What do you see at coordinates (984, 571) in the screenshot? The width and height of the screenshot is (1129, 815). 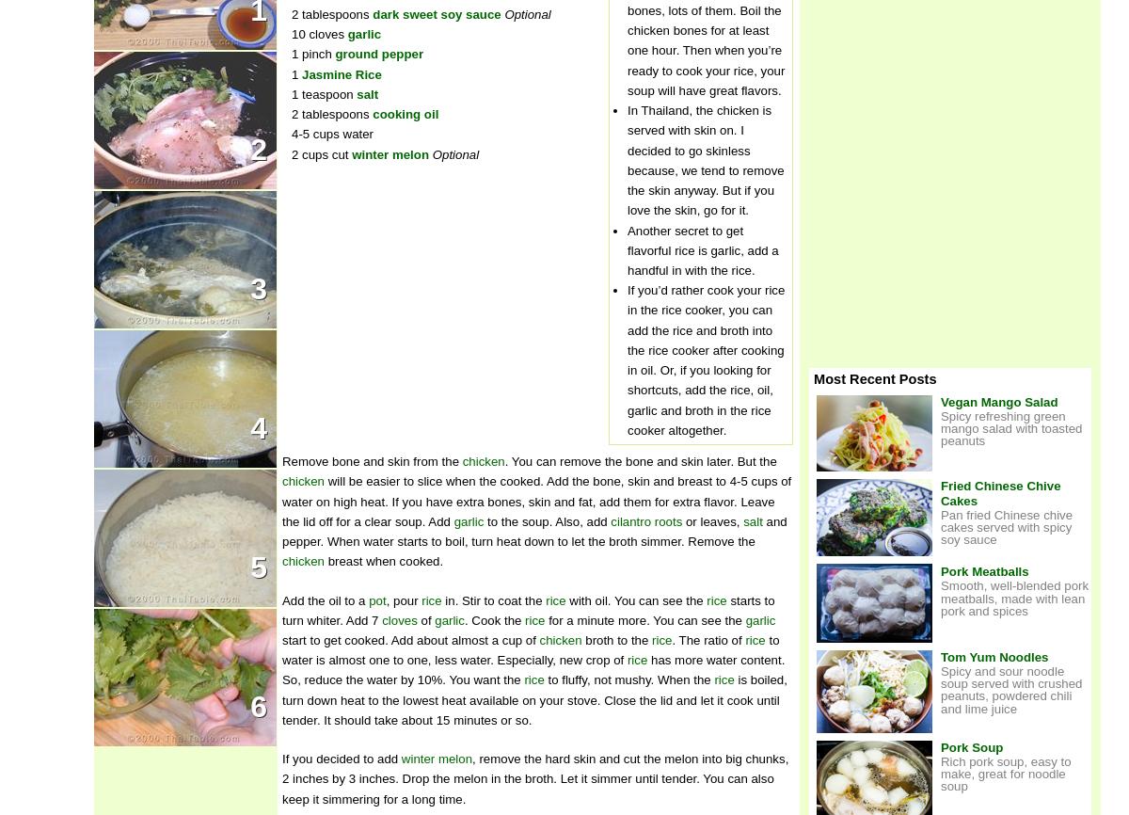 I see `'Pork Meatballs'` at bounding box center [984, 571].